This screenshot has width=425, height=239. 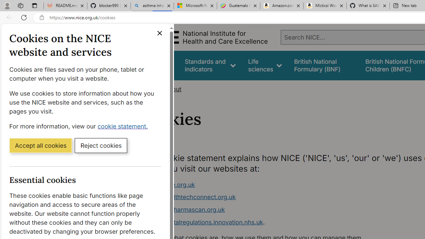 What do you see at coordinates (152, 6) in the screenshot?
I see `'asthma inhaler - Search'` at bounding box center [152, 6].